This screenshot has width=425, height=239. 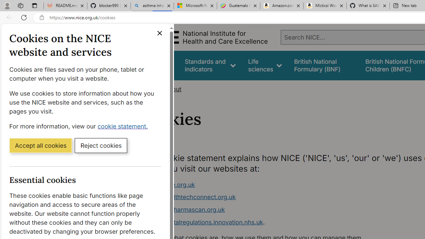 What do you see at coordinates (152, 6) in the screenshot?
I see `'asthma inhaler - Search'` at bounding box center [152, 6].